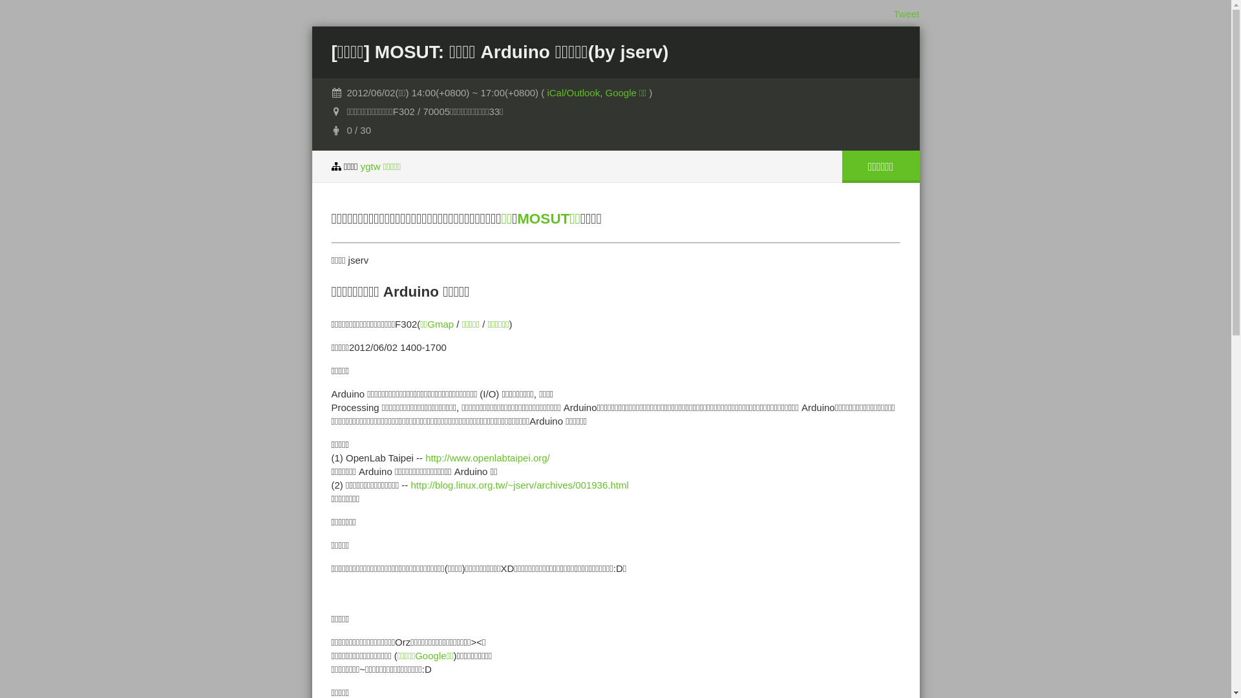 The image size is (1241, 698). What do you see at coordinates (546, 92) in the screenshot?
I see `'iCal/Outlook'` at bounding box center [546, 92].